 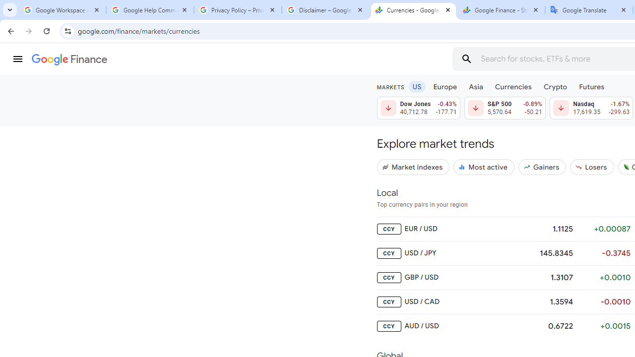 What do you see at coordinates (413, 10) in the screenshot?
I see `'Currencies - Google Finance'` at bounding box center [413, 10].